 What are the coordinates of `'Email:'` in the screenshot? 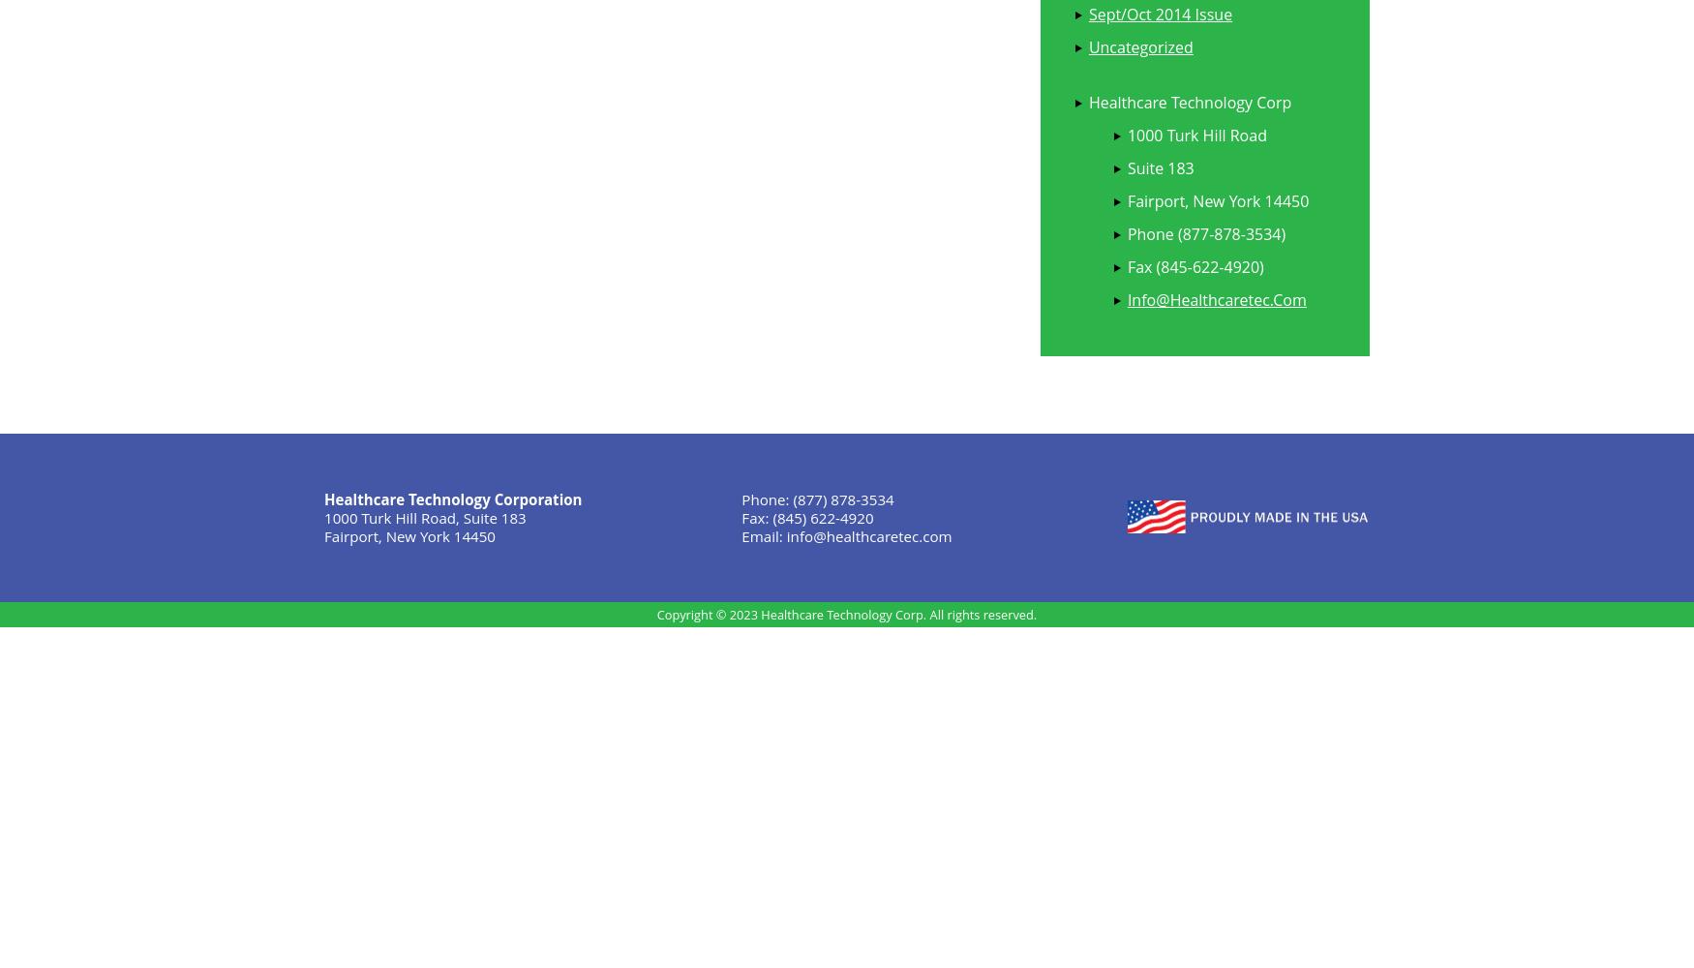 It's located at (763, 535).